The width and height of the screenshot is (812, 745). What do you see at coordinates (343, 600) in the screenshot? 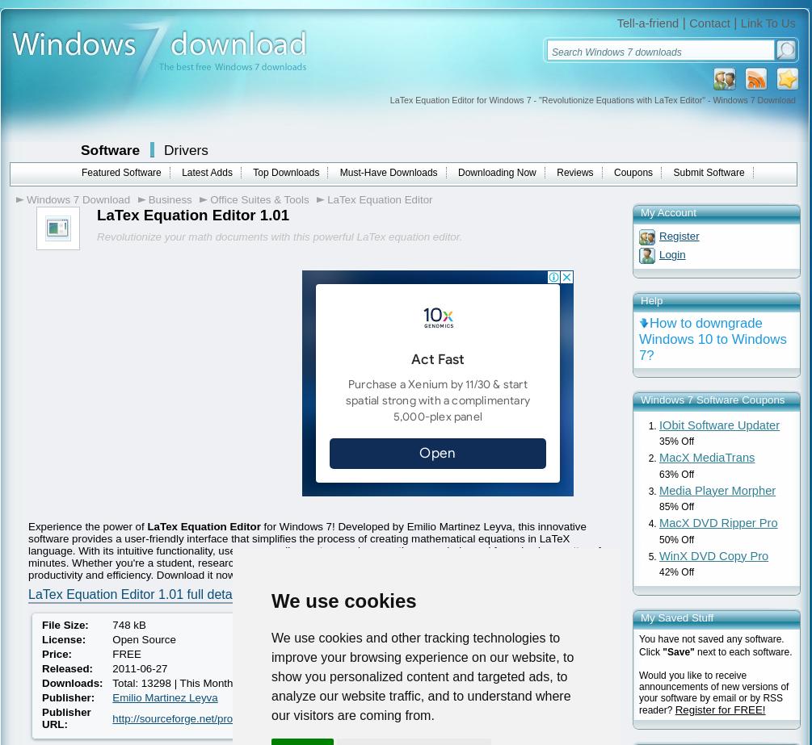
I see `'We use cookies'` at bounding box center [343, 600].